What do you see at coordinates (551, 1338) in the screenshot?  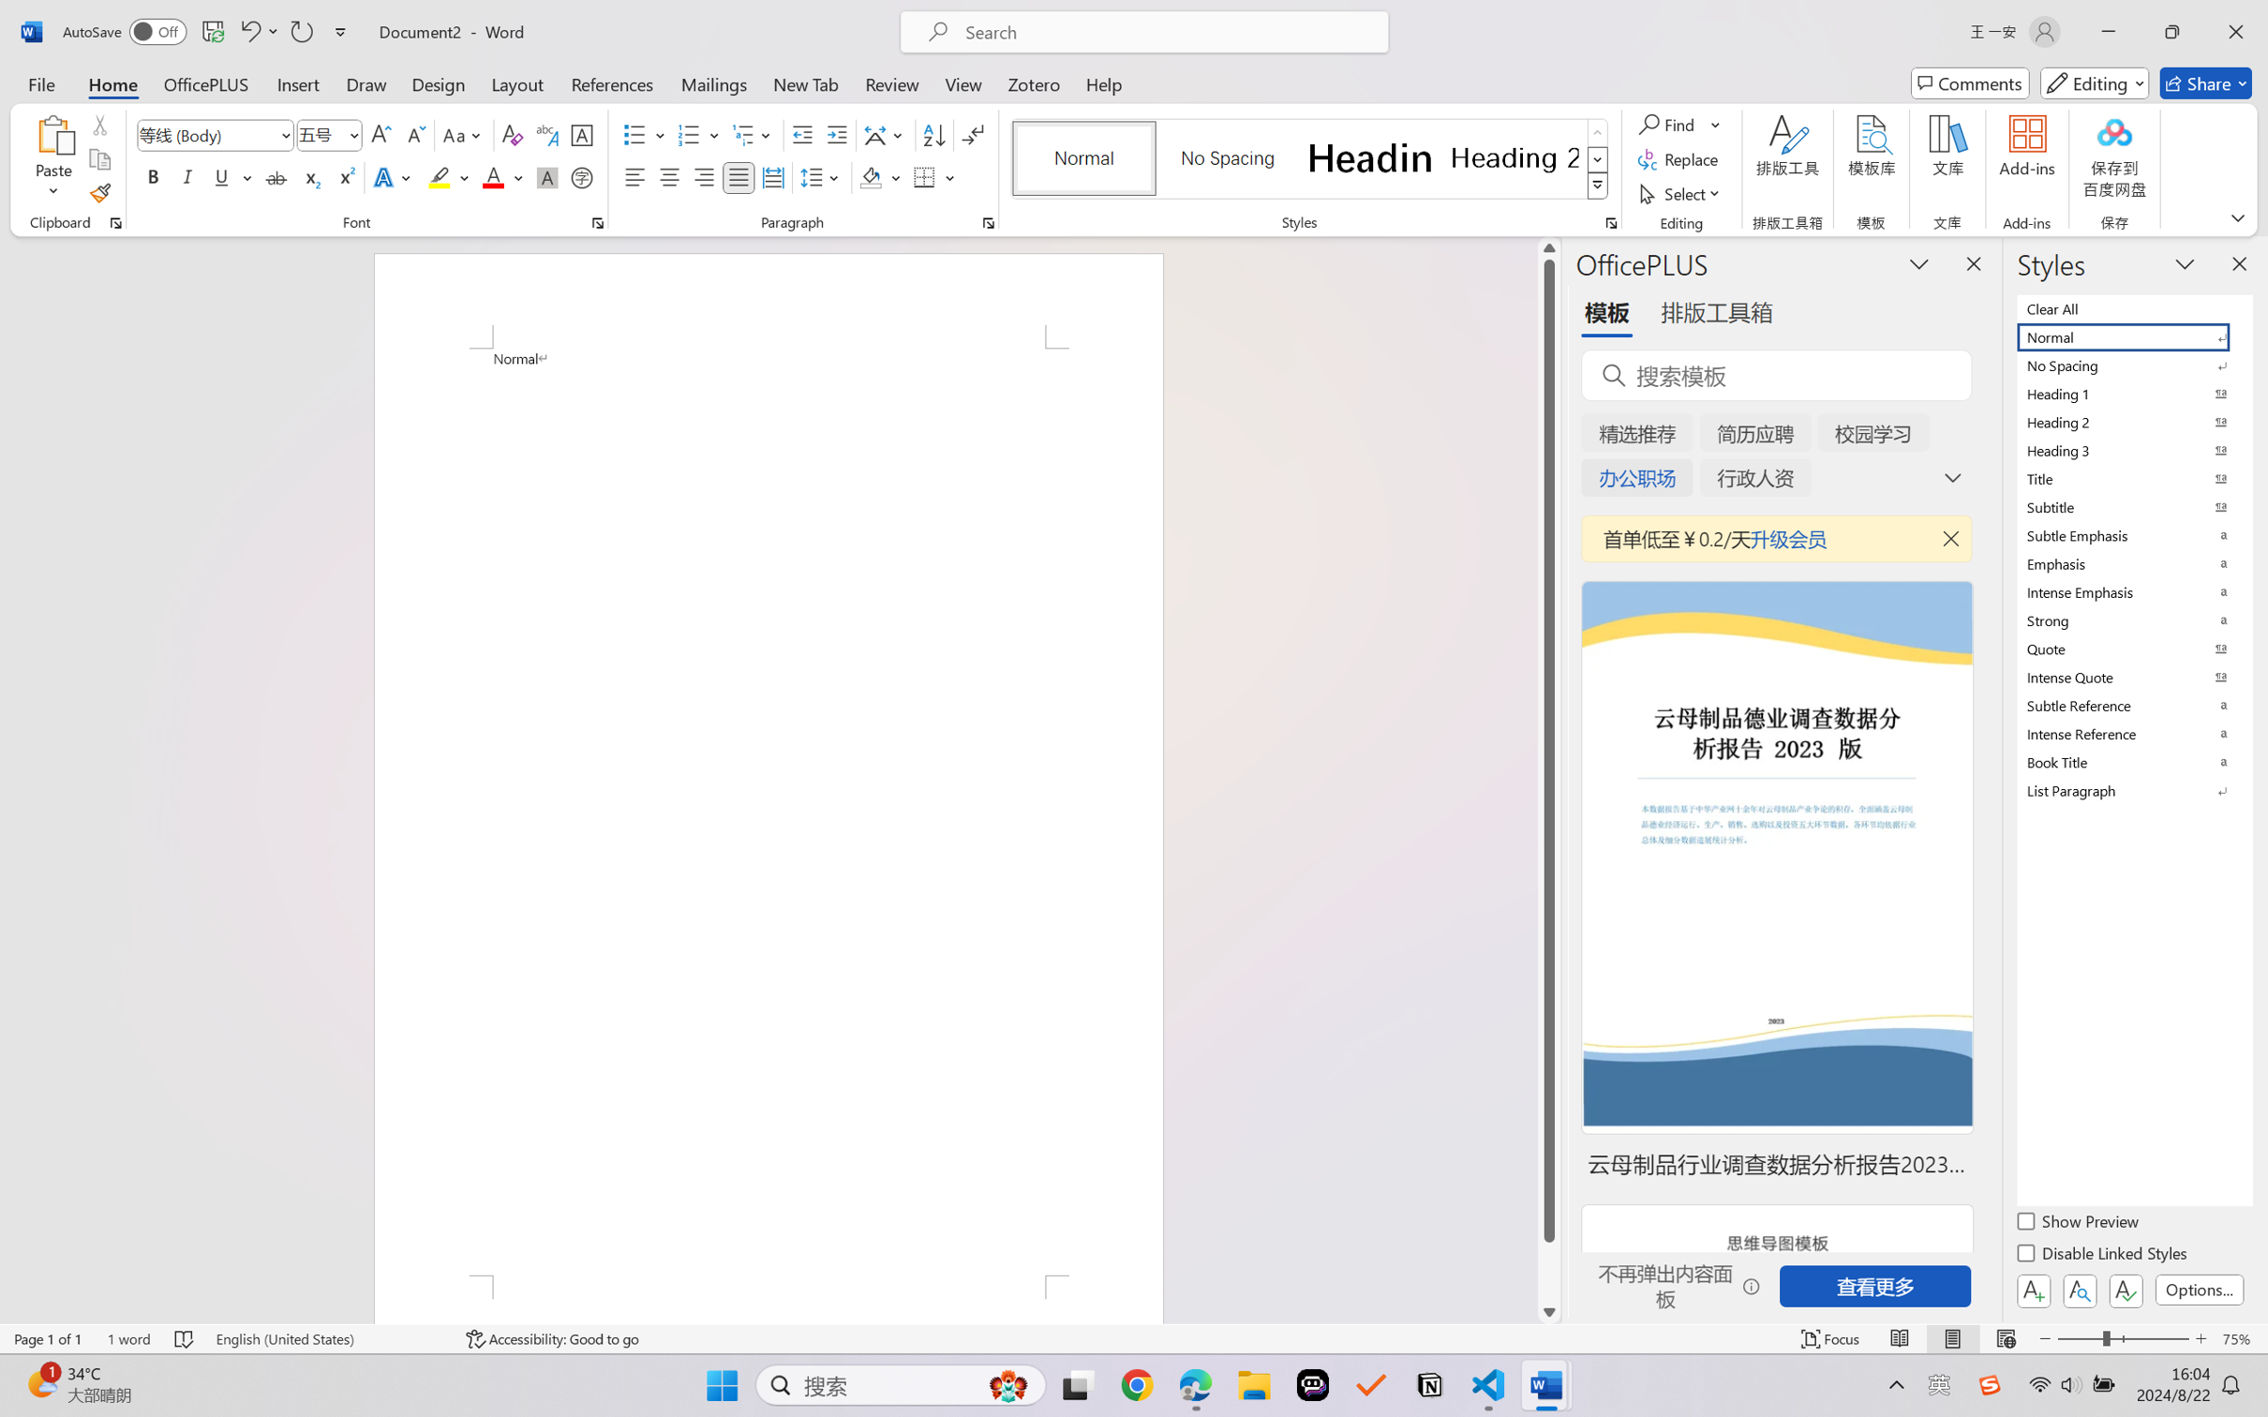 I see `'Accessibility Checker Accessibility: Good to go'` at bounding box center [551, 1338].